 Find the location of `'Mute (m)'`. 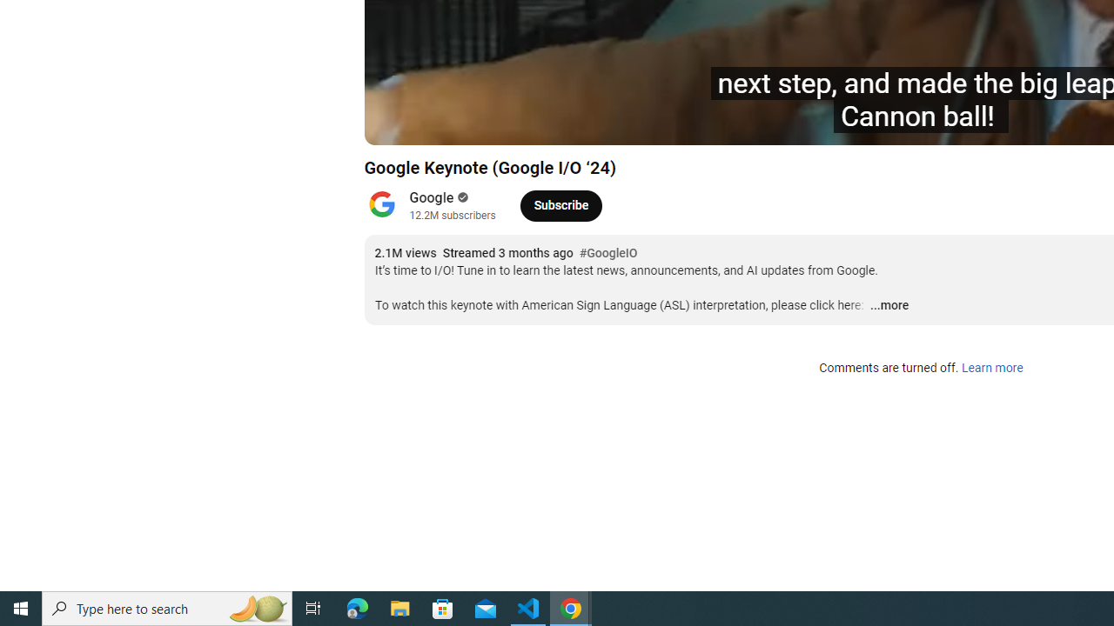

'Mute (m)' is located at coordinates (477, 123).